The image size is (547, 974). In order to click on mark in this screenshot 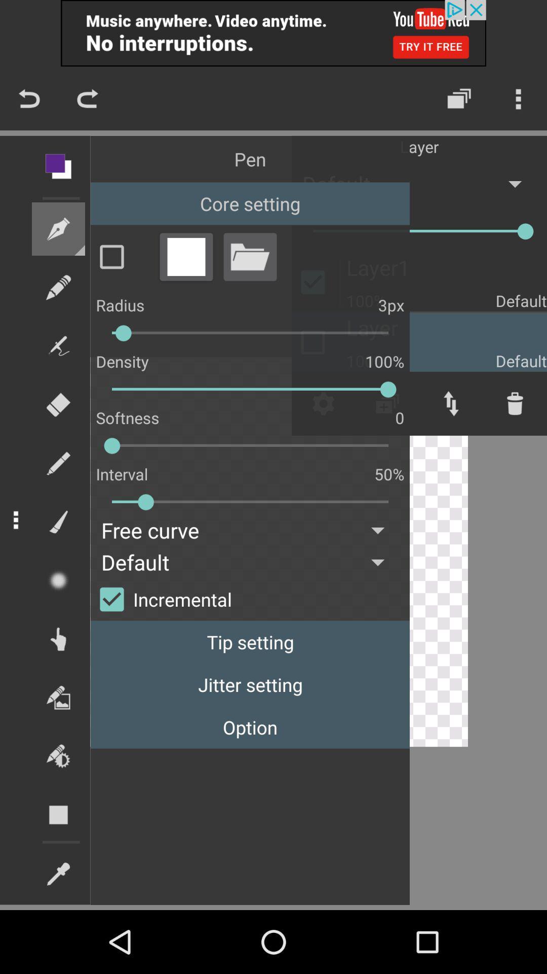, I will do `click(122, 257)`.